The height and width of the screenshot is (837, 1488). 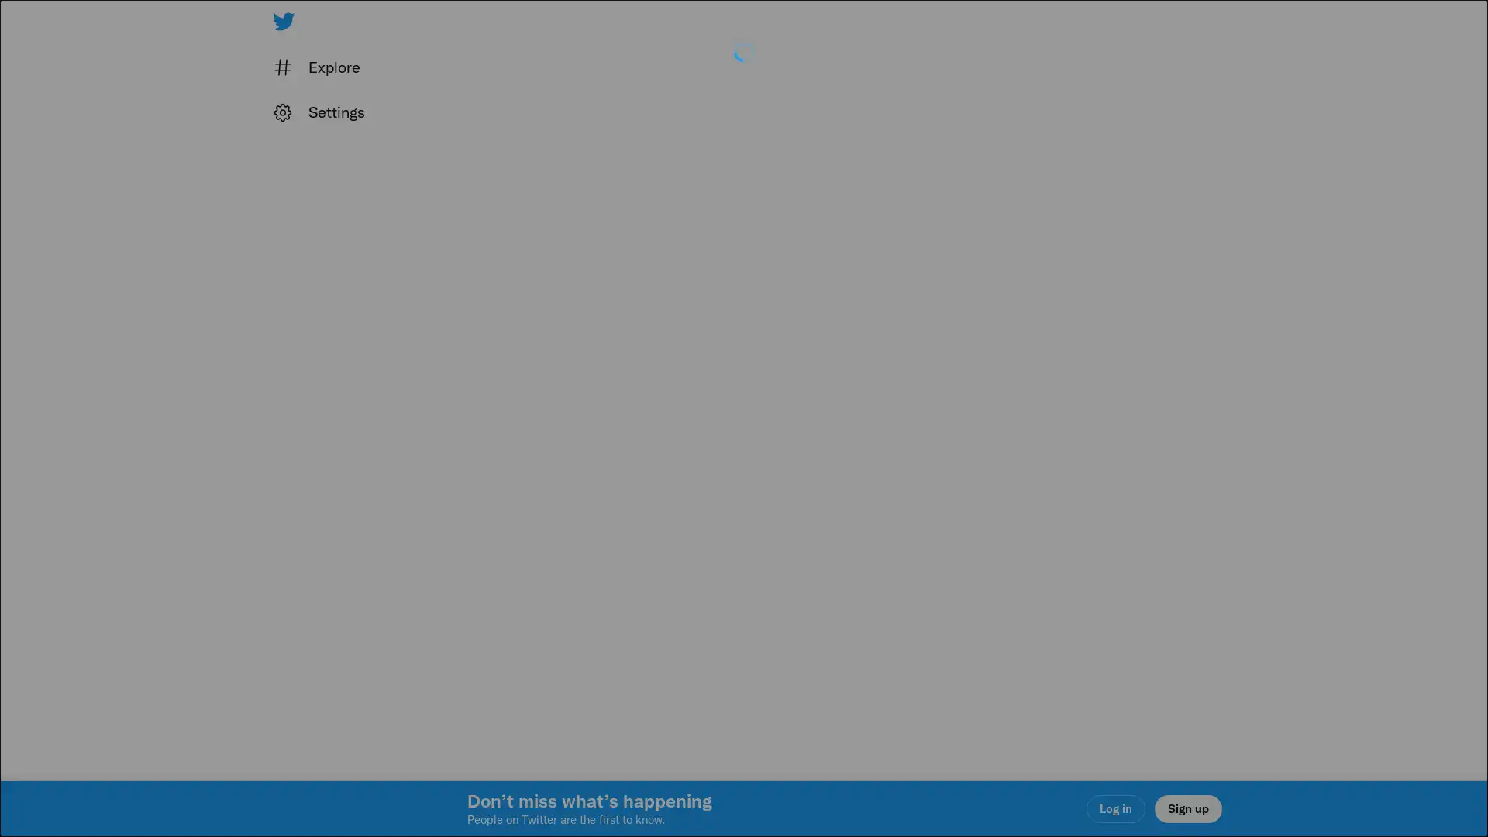 I want to click on Sign up, so click(x=560, y=528).